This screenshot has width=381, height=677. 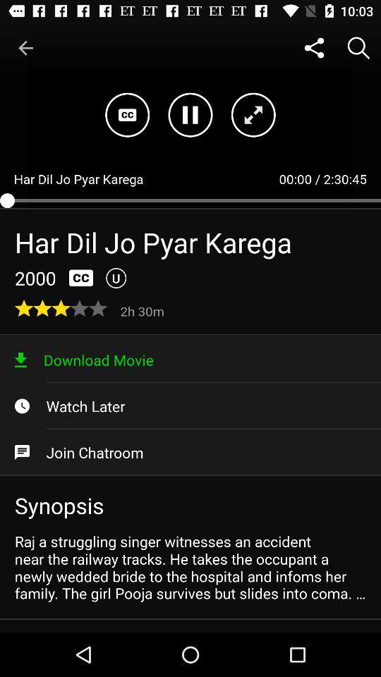 What do you see at coordinates (143, 310) in the screenshot?
I see `2h 30m  item` at bounding box center [143, 310].